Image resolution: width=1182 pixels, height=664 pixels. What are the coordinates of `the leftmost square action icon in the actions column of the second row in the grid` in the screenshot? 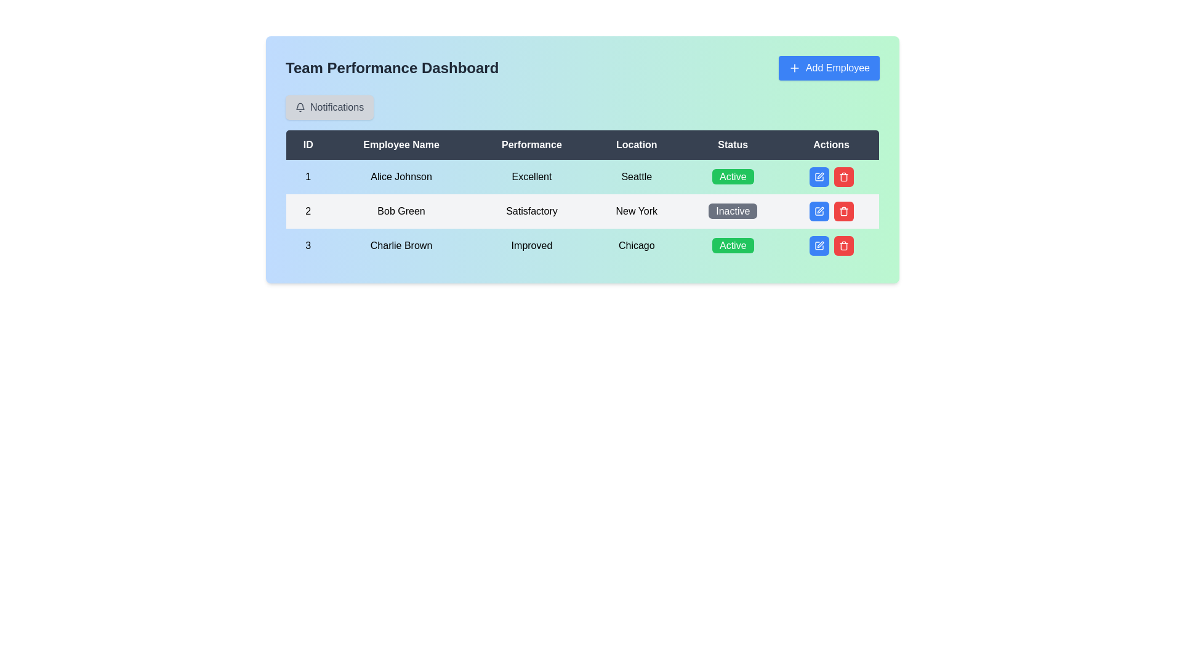 It's located at (819, 246).